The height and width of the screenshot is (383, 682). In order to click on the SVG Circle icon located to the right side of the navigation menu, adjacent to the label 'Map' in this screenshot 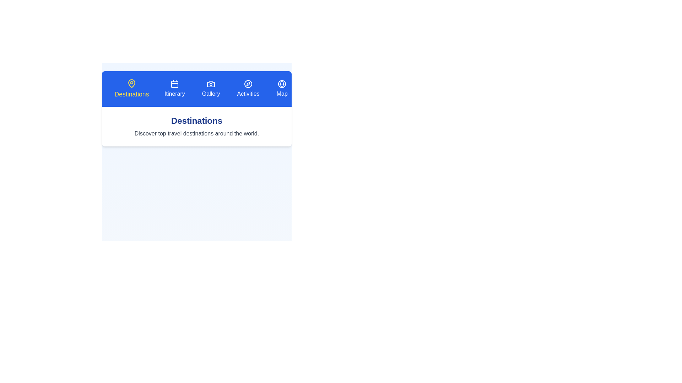, I will do `click(282, 83)`.